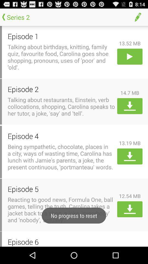  Describe the element at coordinates (61, 36) in the screenshot. I see `the icon above talking about birthdays icon` at that location.